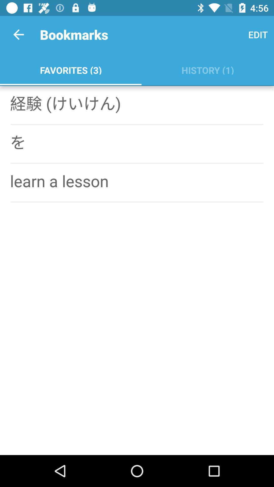  I want to click on item above favorites (3) app, so click(18, 34).